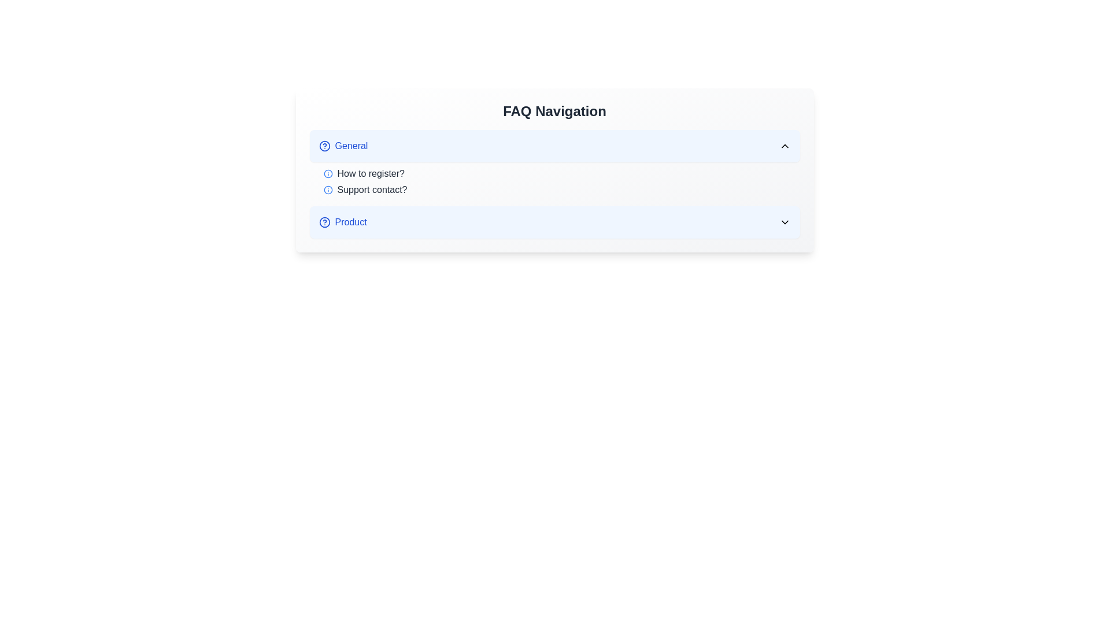 This screenshot has height=624, width=1110. What do you see at coordinates (343, 146) in the screenshot?
I see `the 'General' text label, which is a medium-sized bold blue label aligned next to a help circle icon` at bounding box center [343, 146].